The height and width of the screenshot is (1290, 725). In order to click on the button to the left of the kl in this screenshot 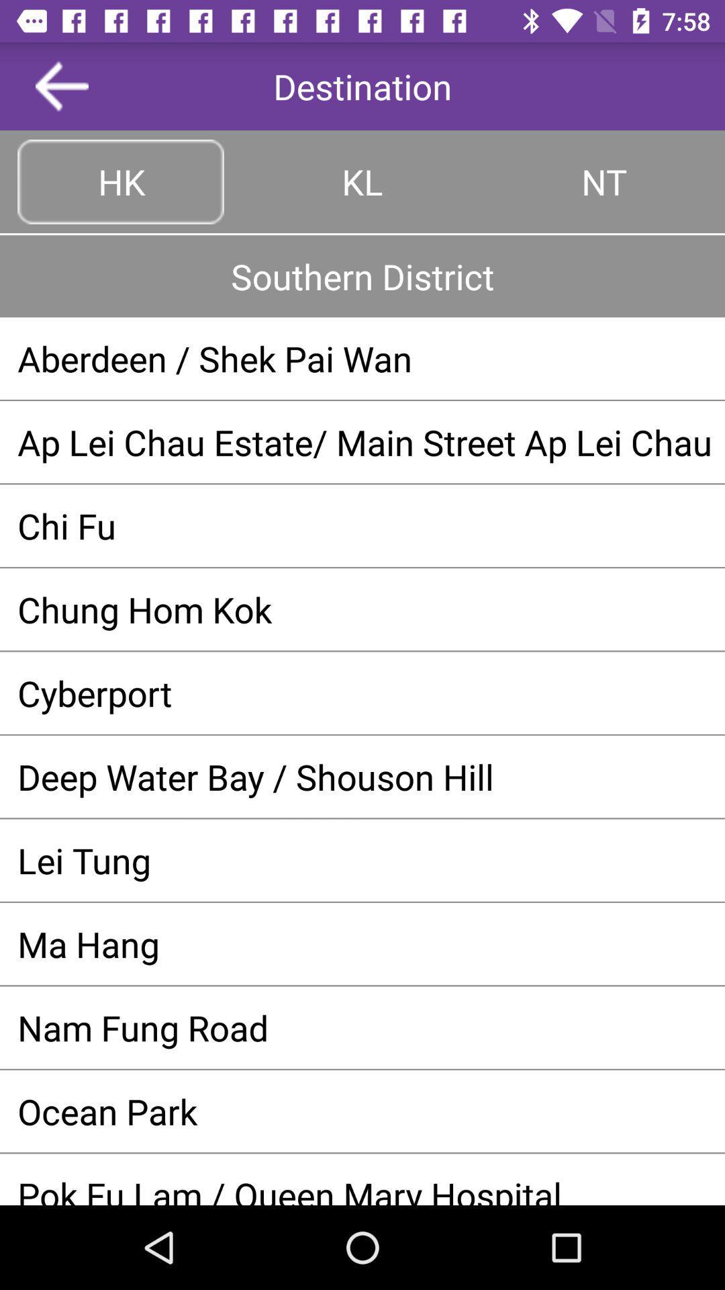, I will do `click(121, 181)`.